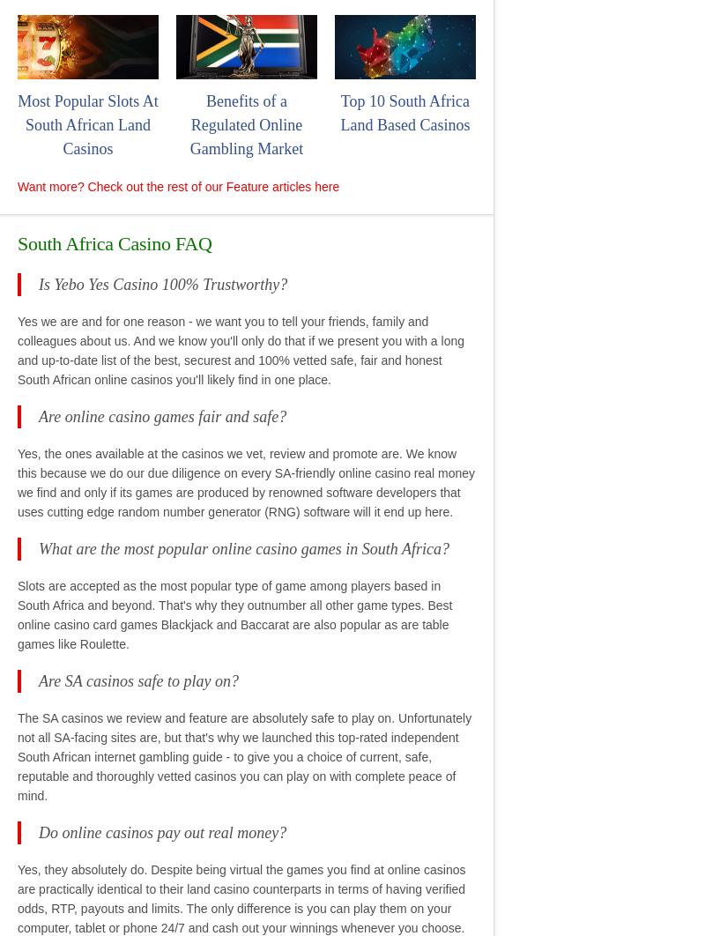 The image size is (705, 936). I want to click on 'Most Popular Slots At South African Land Casinos', so click(87, 124).